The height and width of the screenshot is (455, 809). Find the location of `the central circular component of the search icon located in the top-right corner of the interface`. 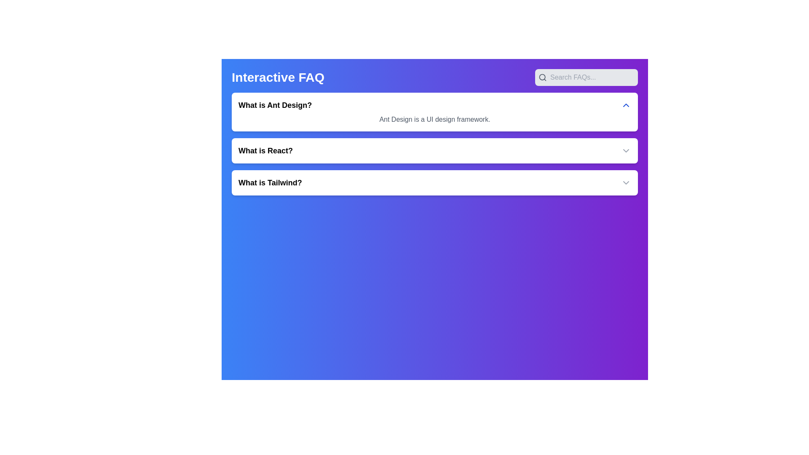

the central circular component of the search icon located in the top-right corner of the interface is located at coordinates (542, 77).